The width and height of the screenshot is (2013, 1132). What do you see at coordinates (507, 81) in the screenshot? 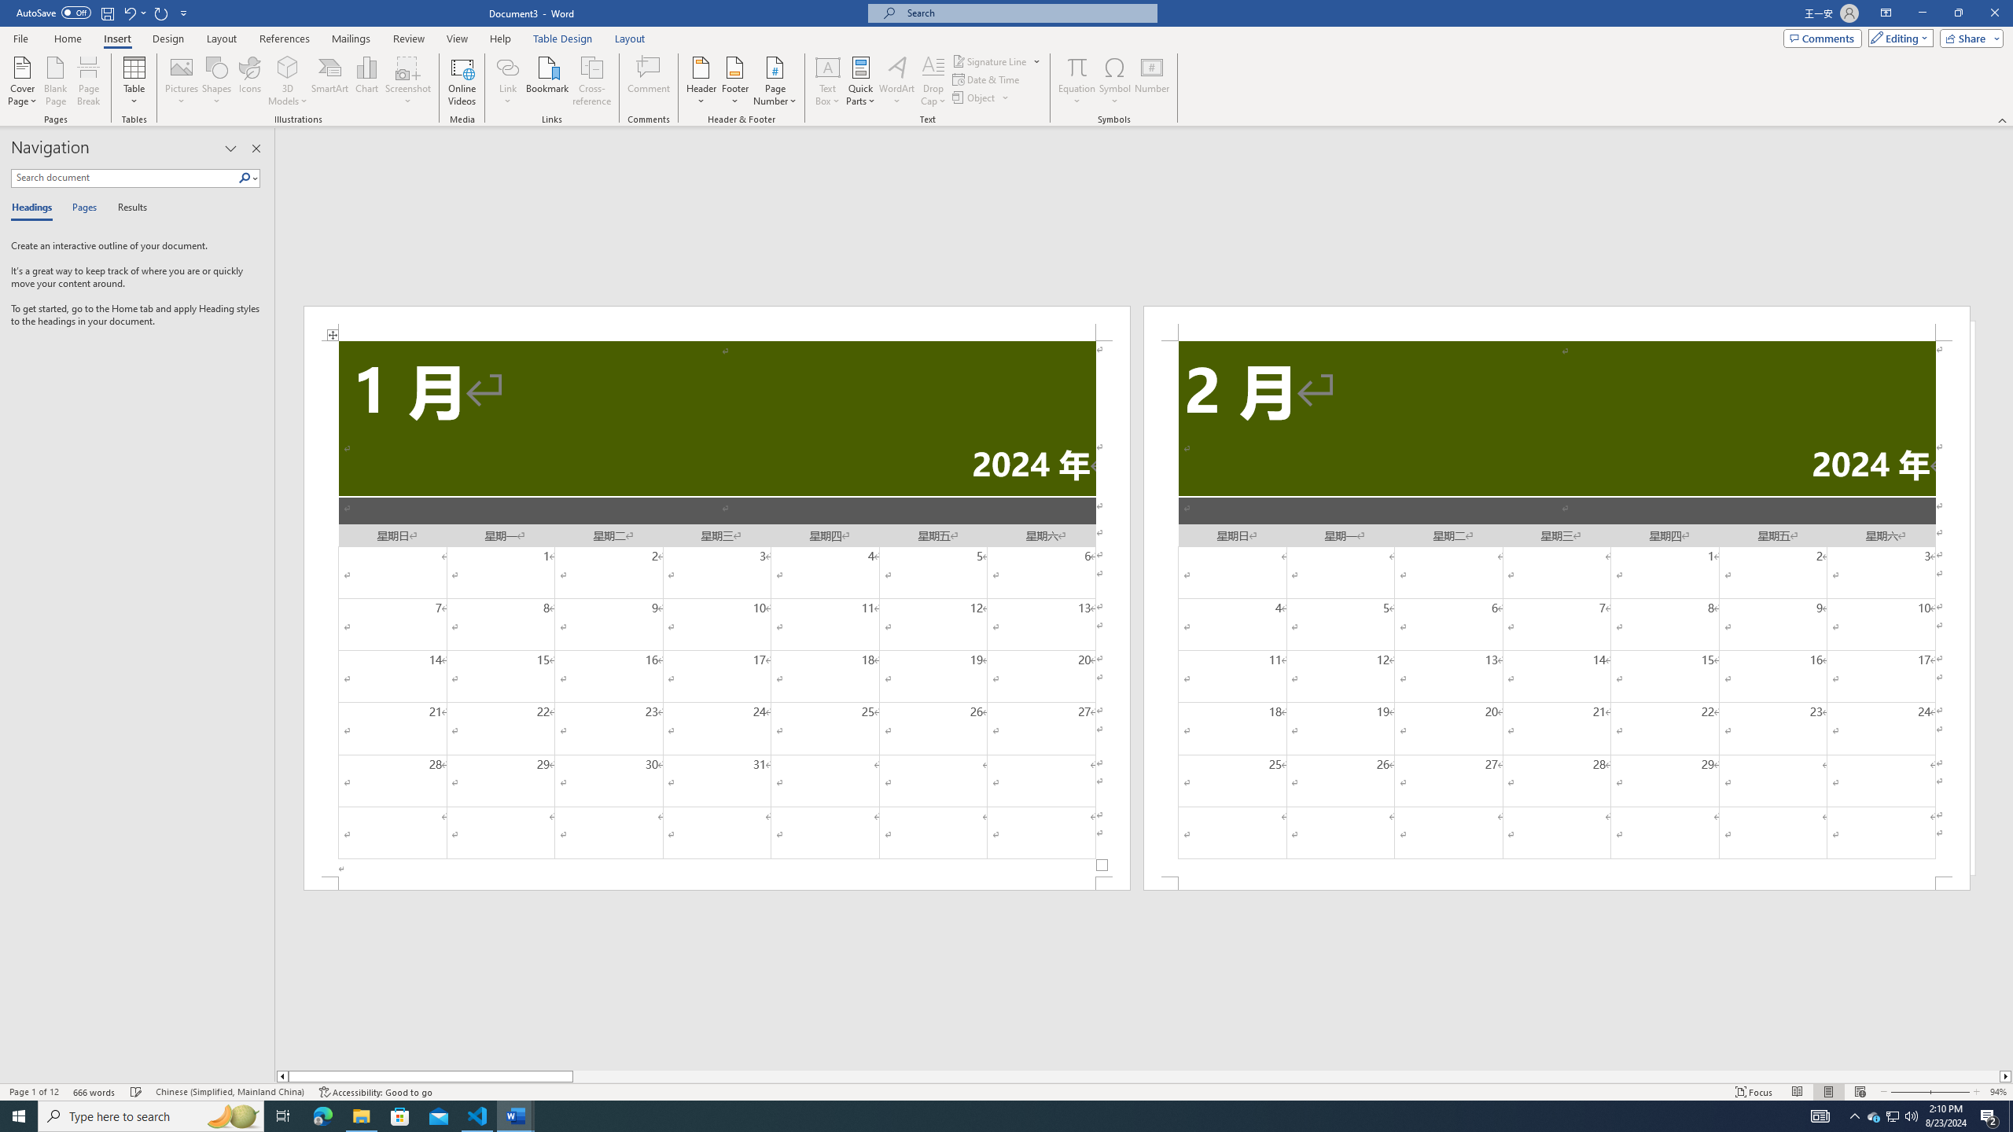
I see `'Link'` at bounding box center [507, 81].